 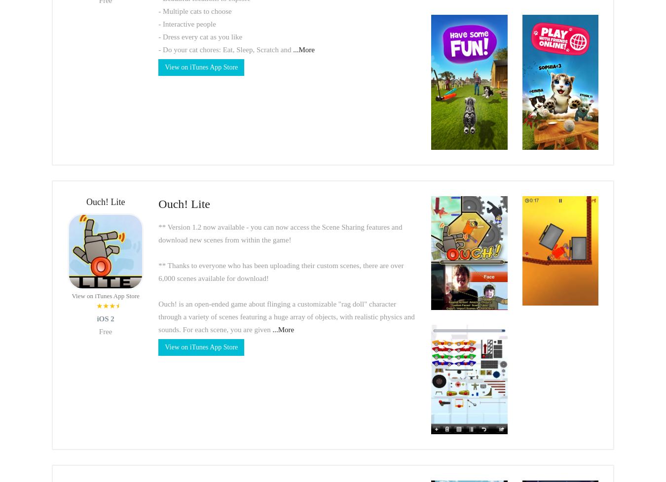 What do you see at coordinates (158, 11) in the screenshot?
I see `'- Multiple cats to choose'` at bounding box center [158, 11].